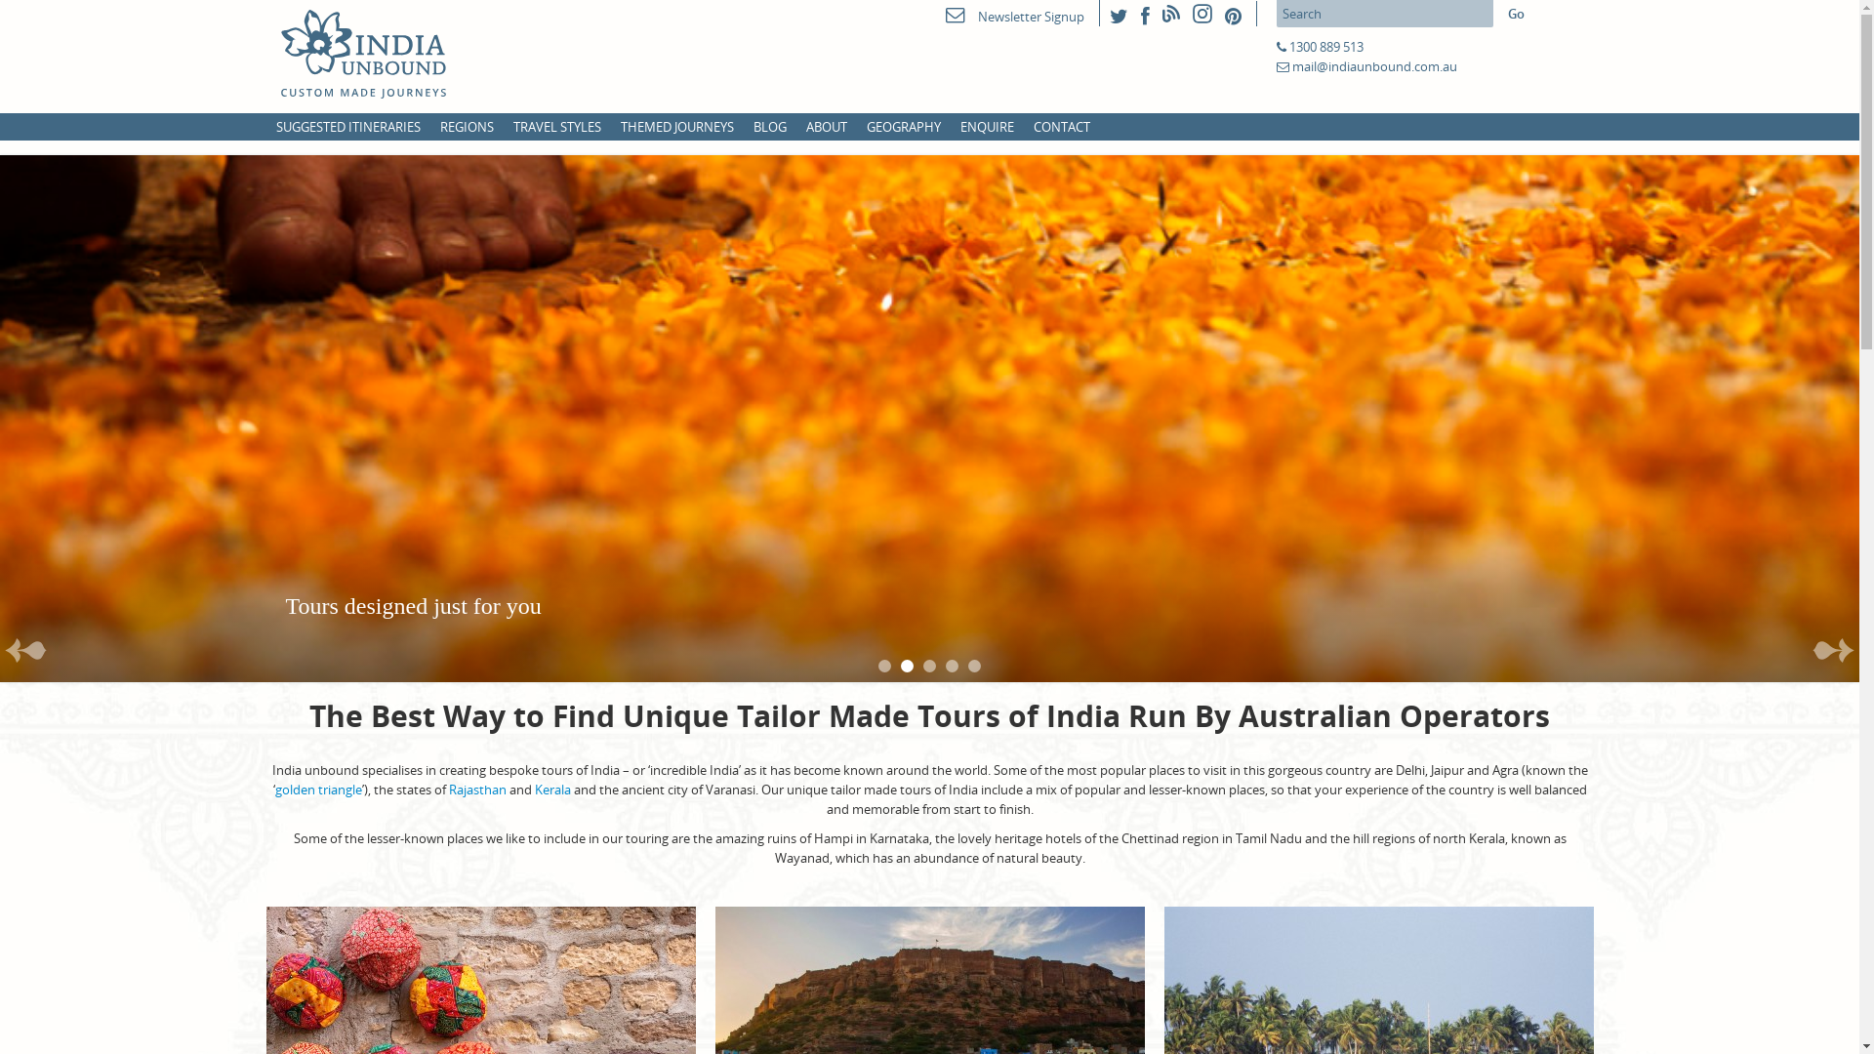  I want to click on 'golden triangle', so click(274, 789).